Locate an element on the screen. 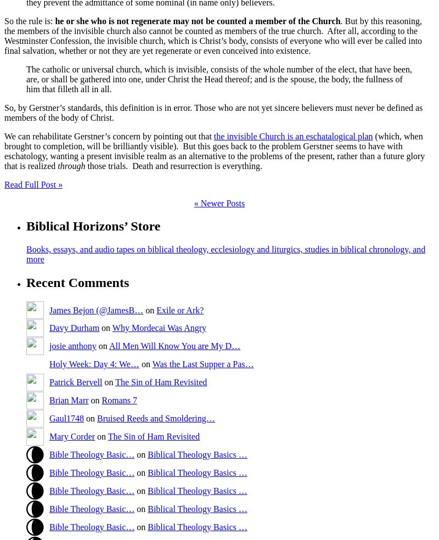 This screenshot has height=540, width=439. 'Why Mordecai Was Angry' is located at coordinates (159, 327).